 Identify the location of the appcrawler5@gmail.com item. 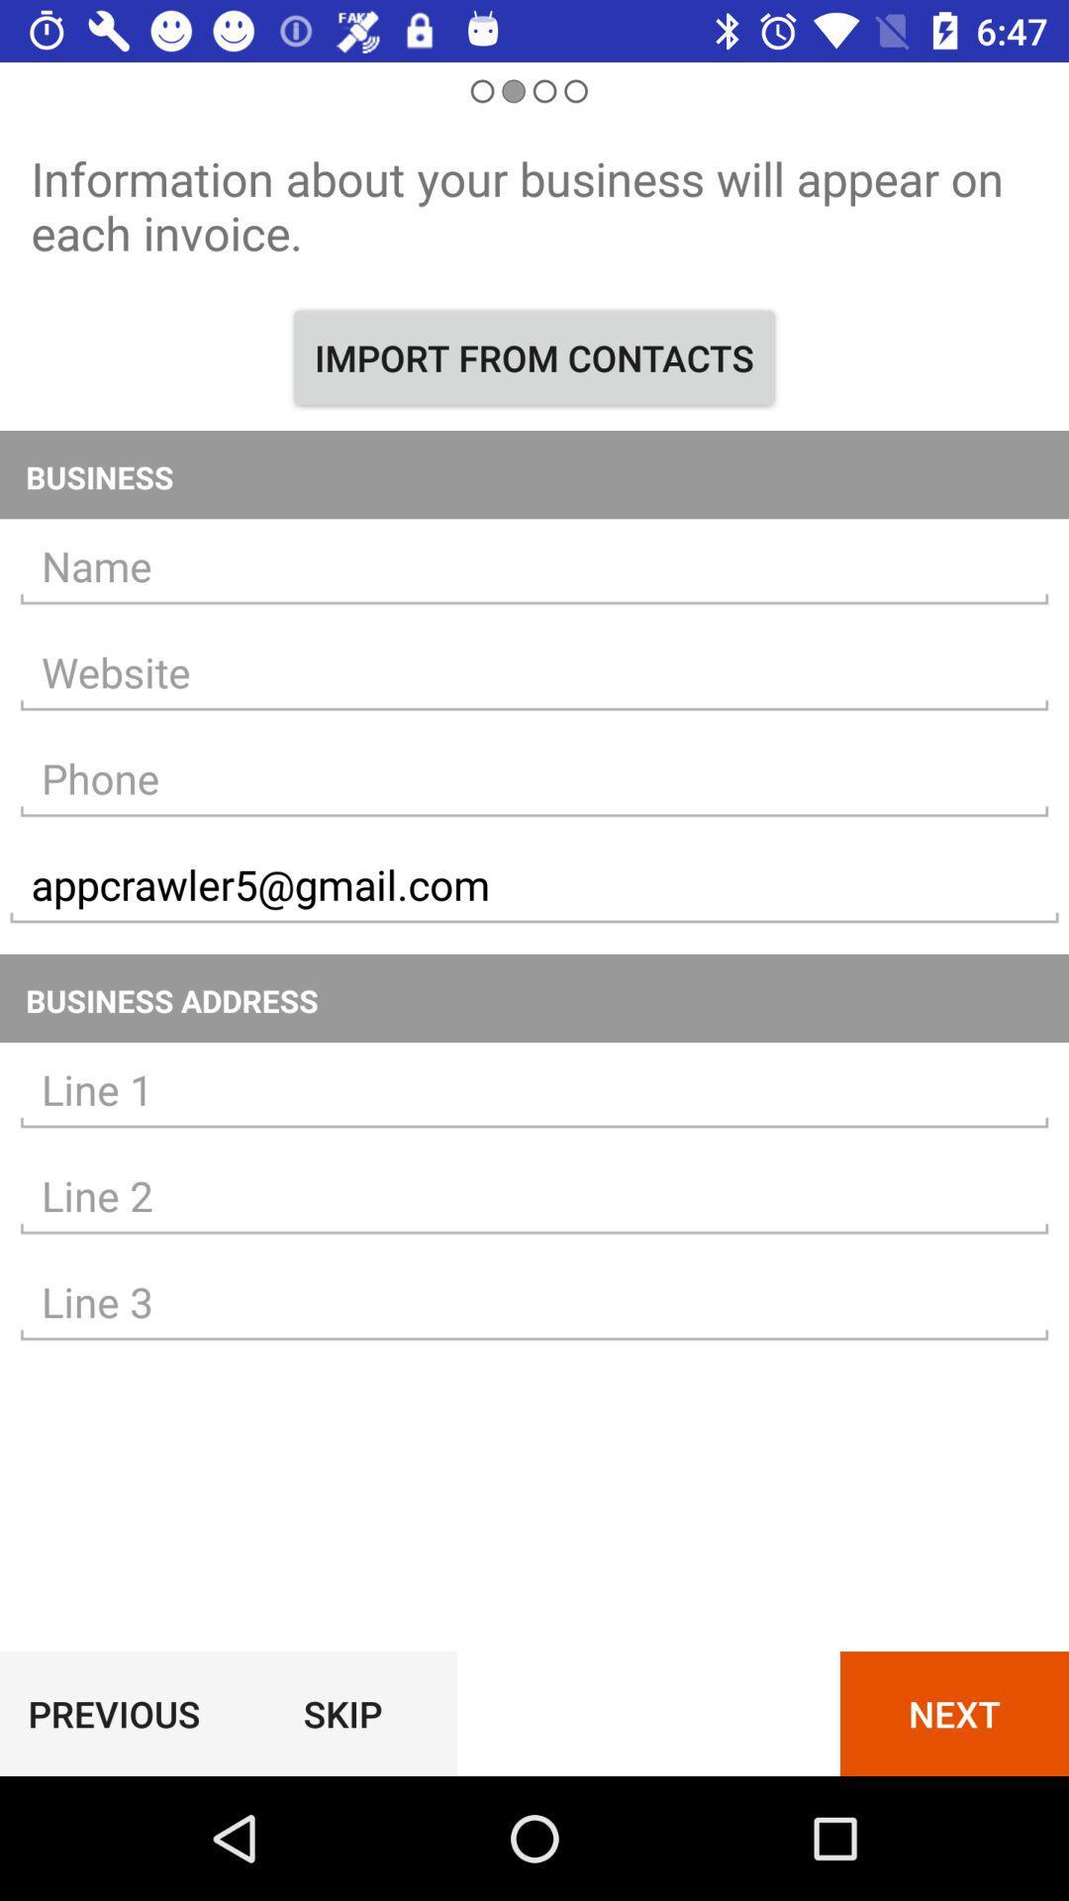
(534, 884).